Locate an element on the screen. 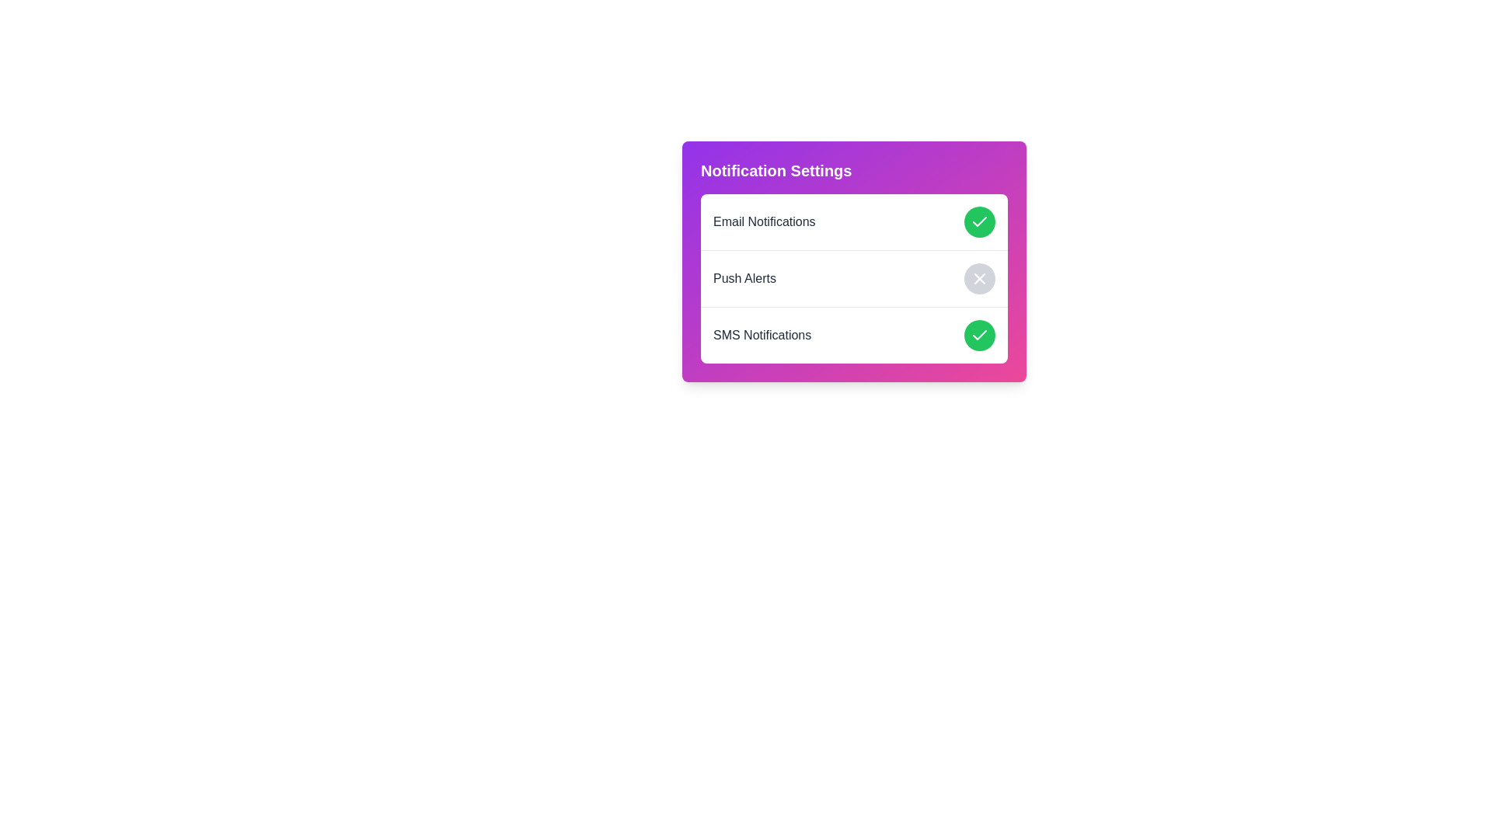 The width and height of the screenshot is (1492, 839). the state represented by the 'Email Notifications' icon in the settings panel, which signifies the enabled state of this notification category is located at coordinates (979, 335).